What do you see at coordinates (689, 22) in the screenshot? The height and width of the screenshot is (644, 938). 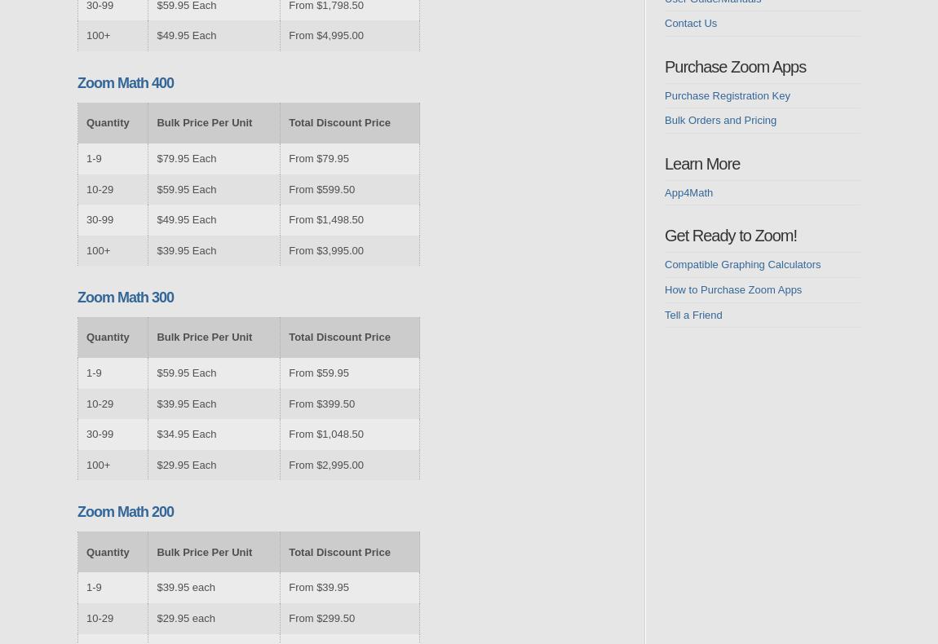 I see `'Contact Us'` at bounding box center [689, 22].